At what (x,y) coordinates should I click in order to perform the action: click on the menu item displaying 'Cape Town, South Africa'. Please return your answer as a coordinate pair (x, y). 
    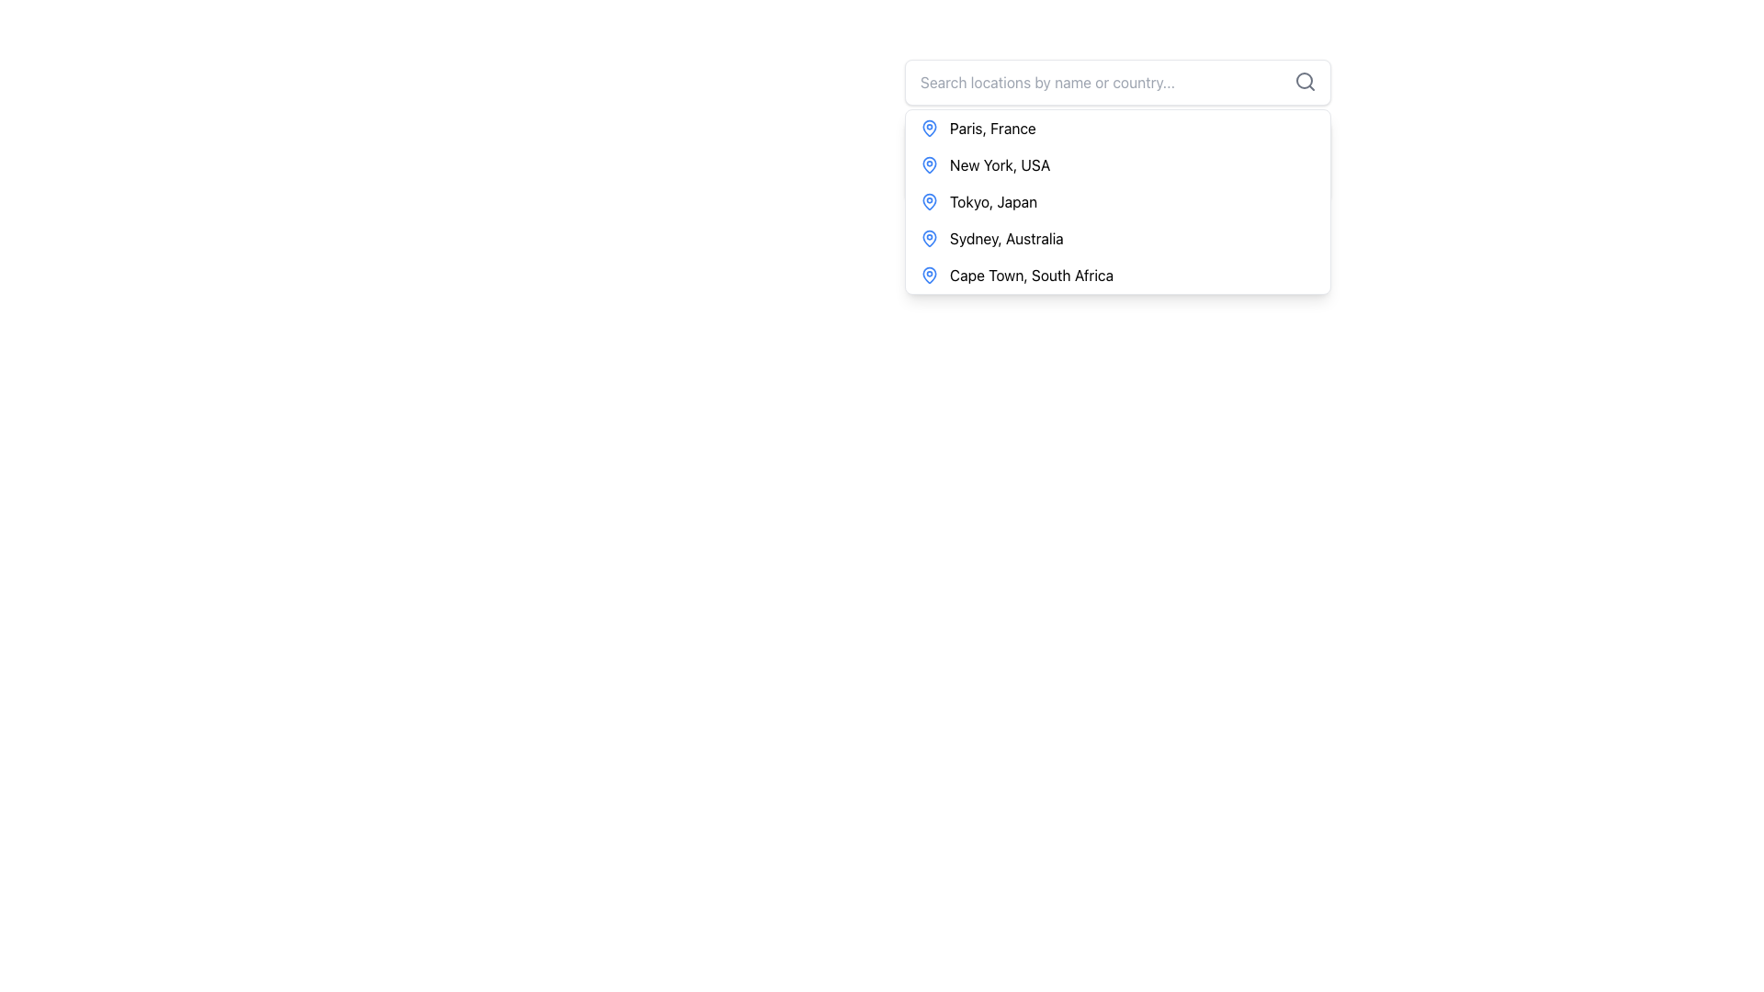
    Looking at the image, I should click on (1032, 276).